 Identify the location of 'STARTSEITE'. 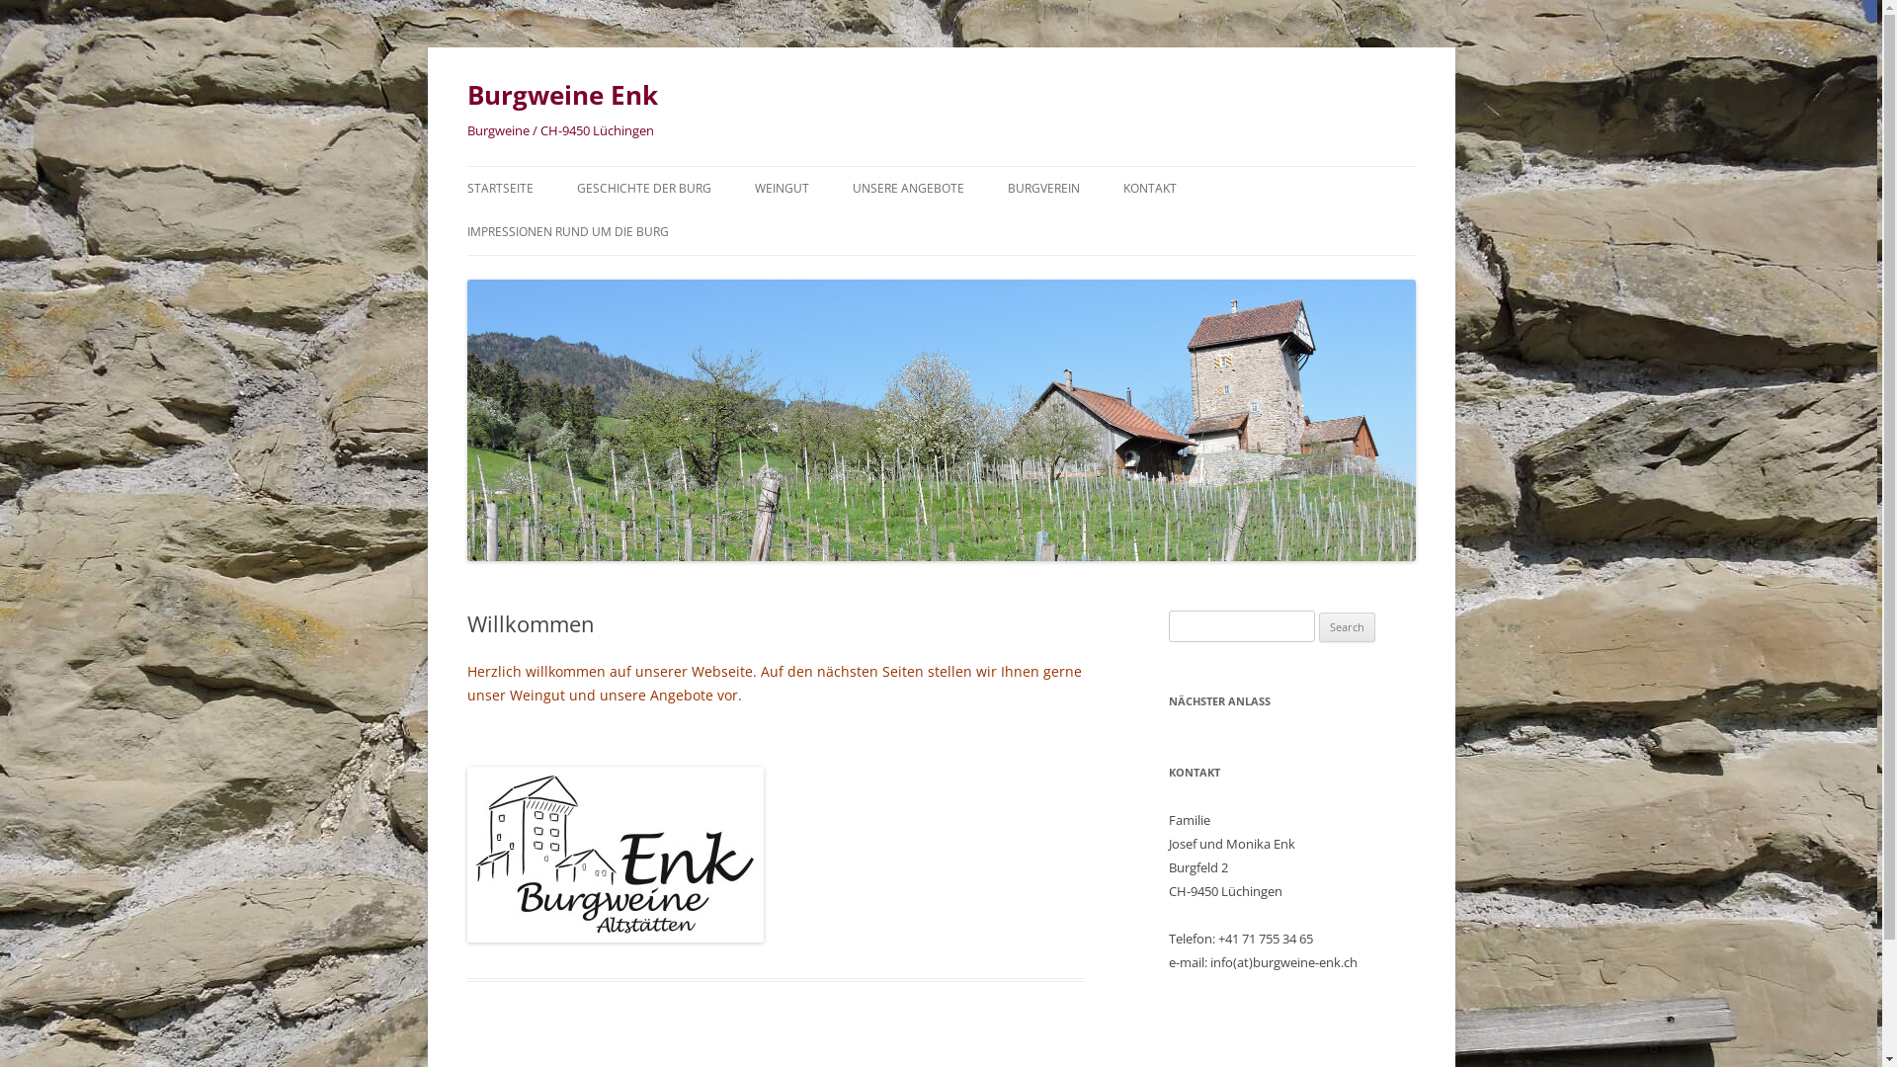
(499, 189).